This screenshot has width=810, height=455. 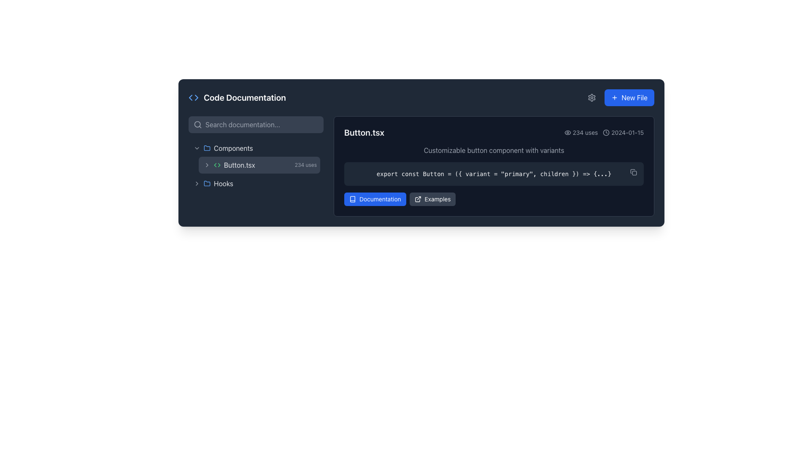 I want to click on the navigation list item for the 'Button.tsx' component located, so click(x=255, y=166).